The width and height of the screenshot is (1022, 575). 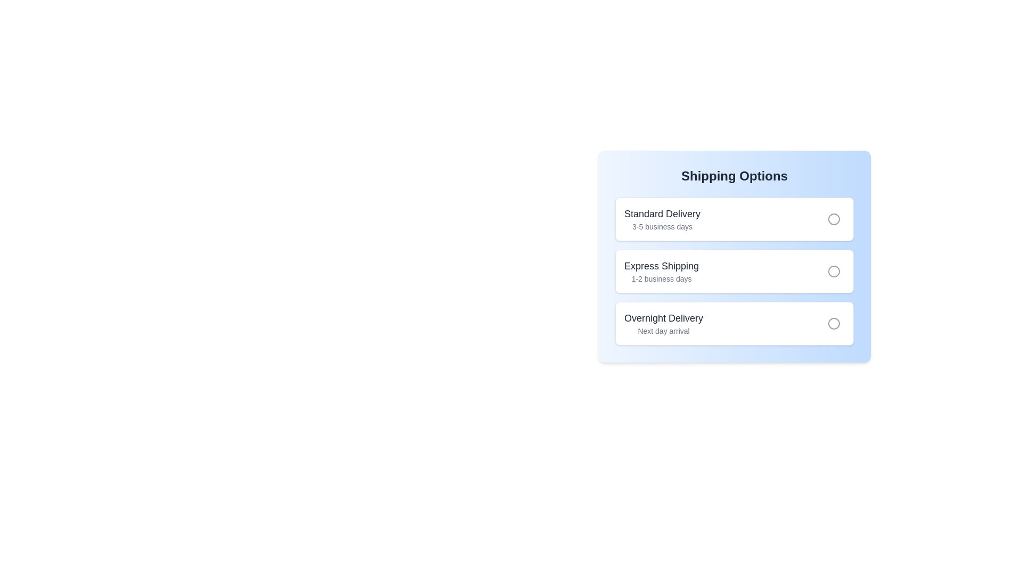 What do you see at coordinates (734, 270) in the screenshot?
I see `the radio button associated with the 'Express Shipping' delivery option` at bounding box center [734, 270].